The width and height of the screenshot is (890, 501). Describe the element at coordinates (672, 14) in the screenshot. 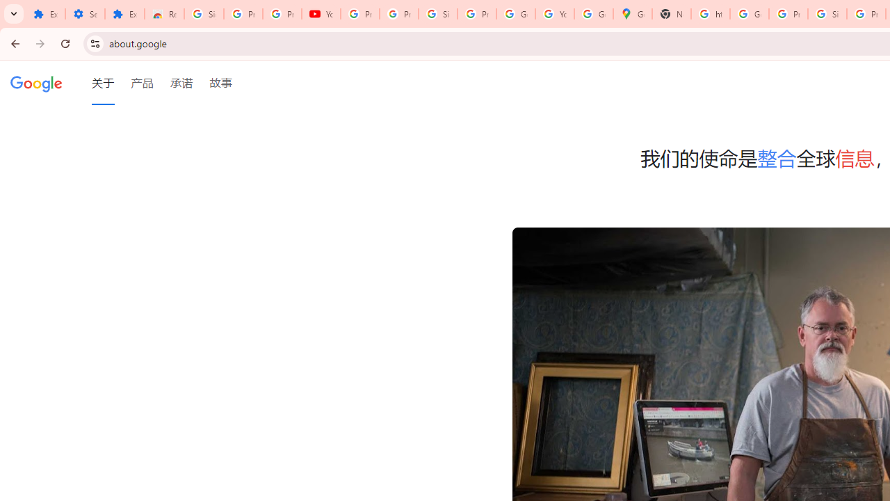

I see `'New Tab'` at that location.